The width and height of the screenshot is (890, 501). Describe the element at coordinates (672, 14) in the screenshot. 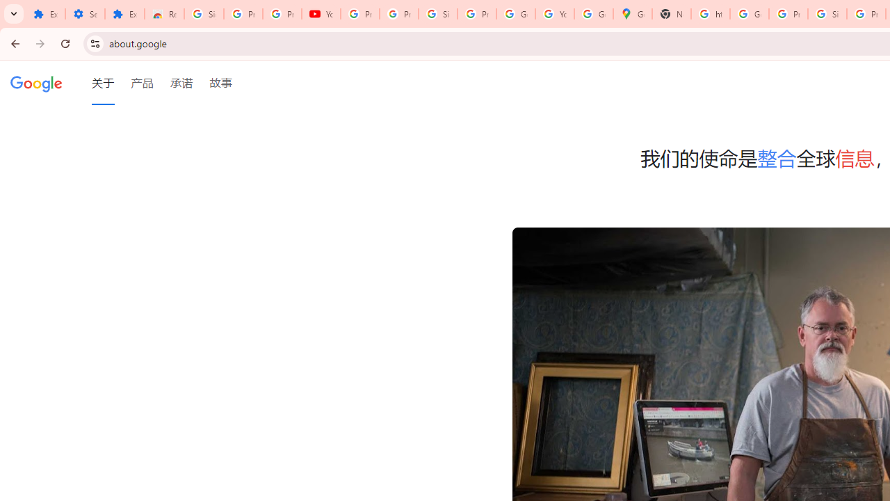

I see `'New Tab'` at that location.